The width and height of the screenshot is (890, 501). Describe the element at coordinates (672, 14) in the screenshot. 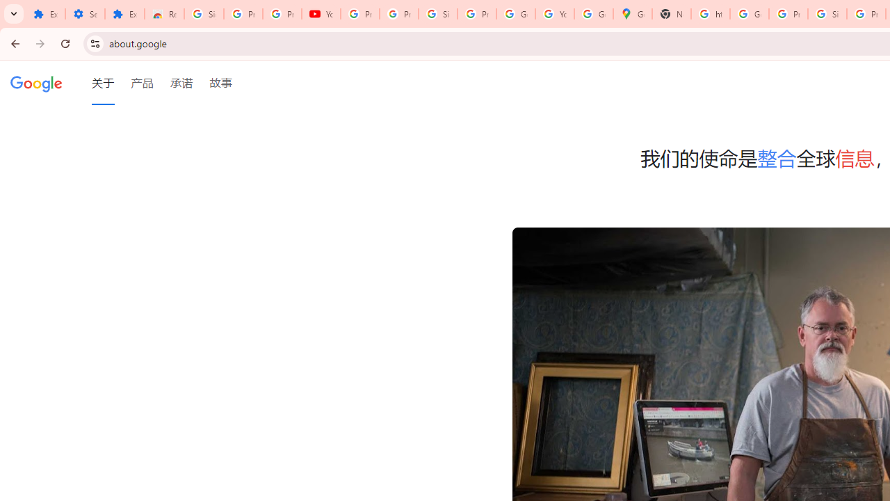

I see `'New Tab'` at that location.